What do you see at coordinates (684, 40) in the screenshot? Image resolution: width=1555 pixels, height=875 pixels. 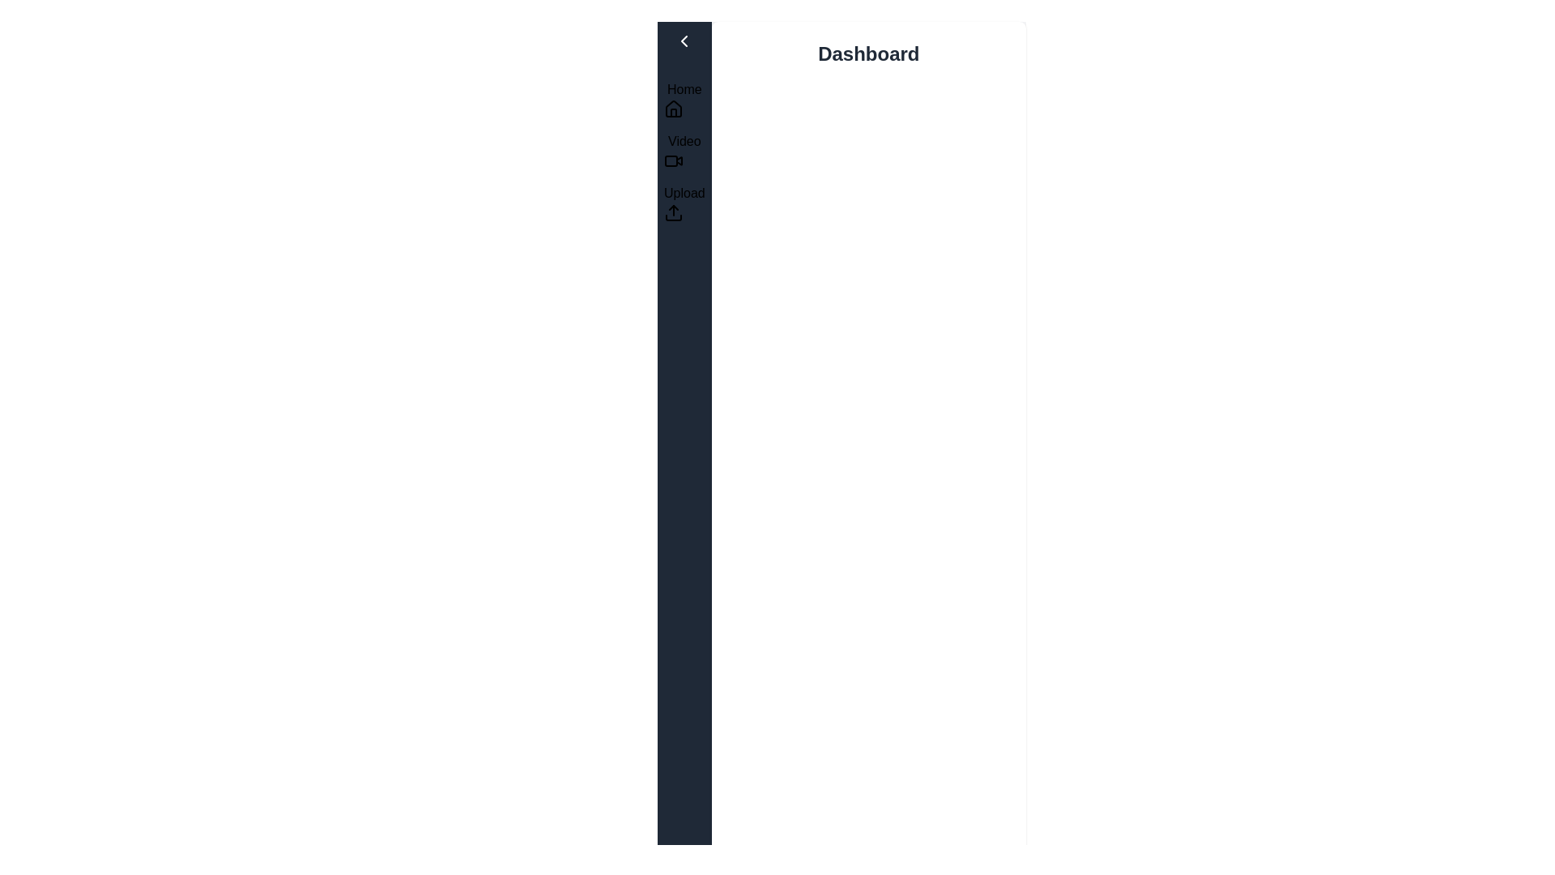 I see `the triangular leftward-pointing arrow icon in the vertical sidebar` at bounding box center [684, 40].